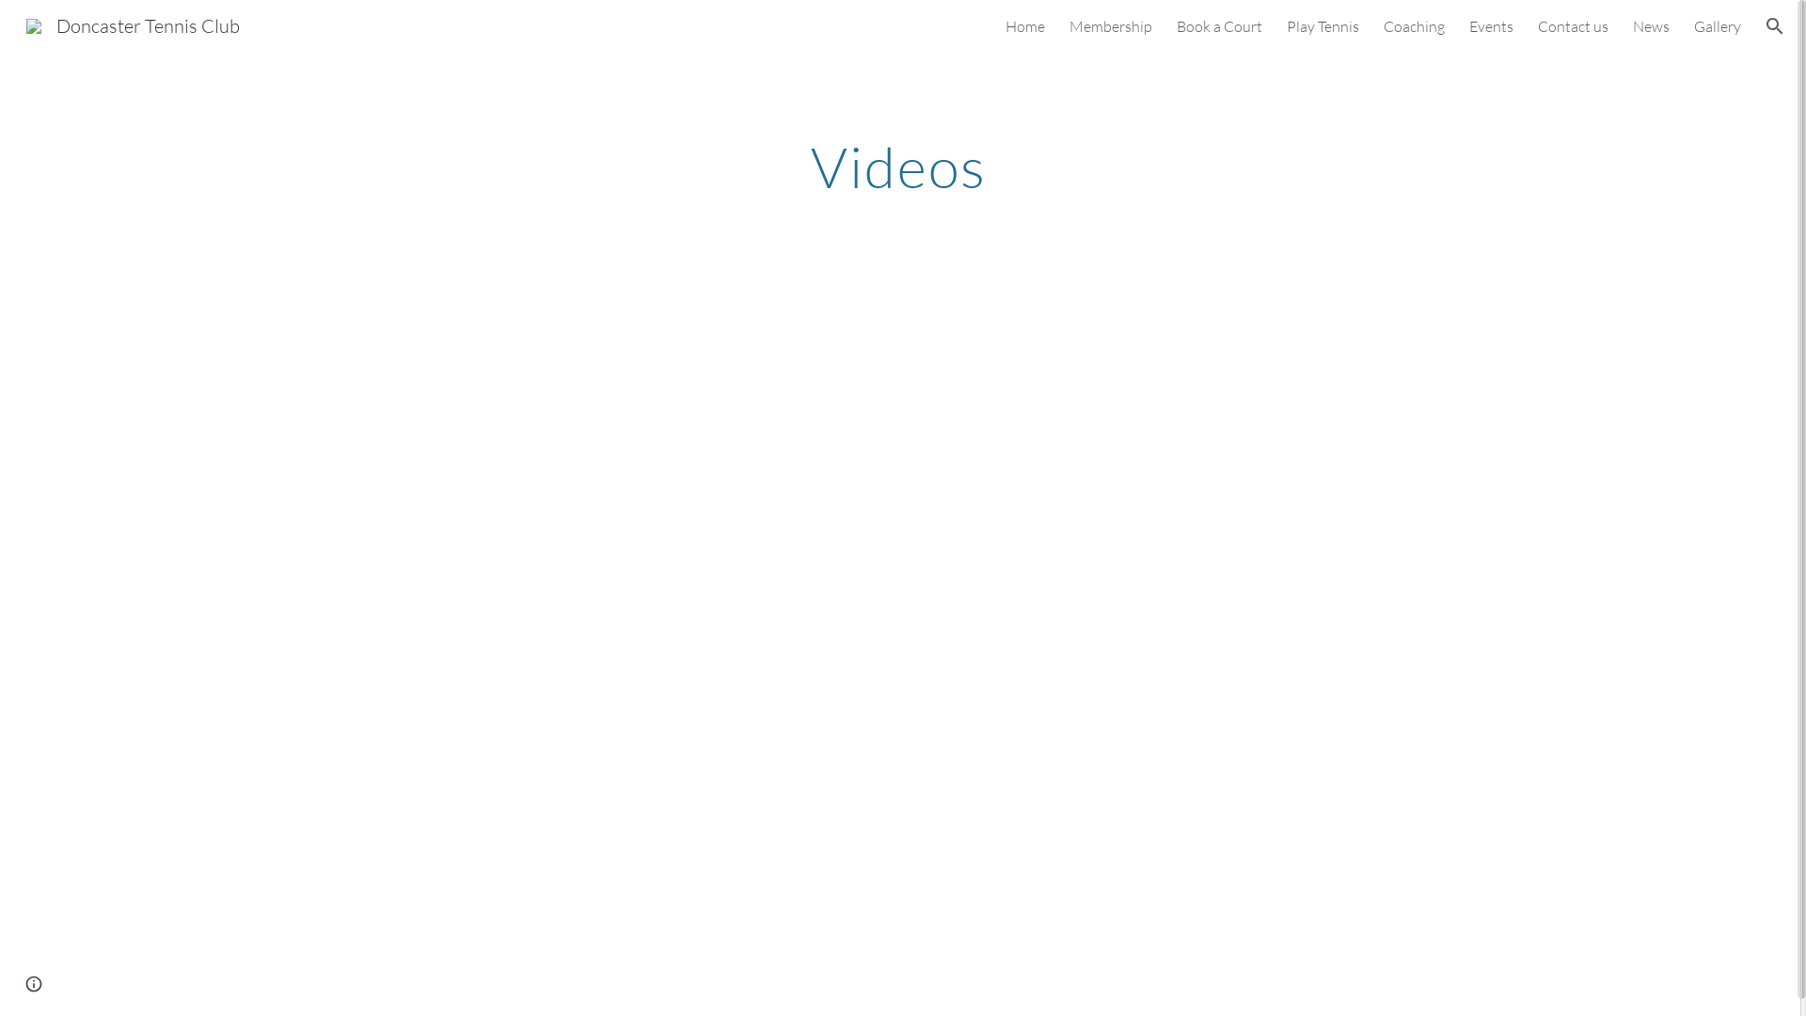 The height and width of the screenshot is (1016, 1806). I want to click on 'News', so click(1650, 25).